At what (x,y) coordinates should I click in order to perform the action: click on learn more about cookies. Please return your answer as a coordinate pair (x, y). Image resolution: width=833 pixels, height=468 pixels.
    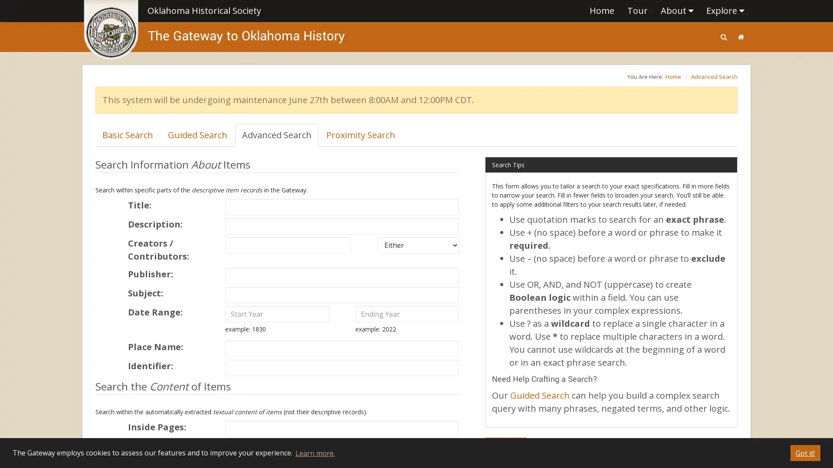
    Looking at the image, I should click on (314, 452).